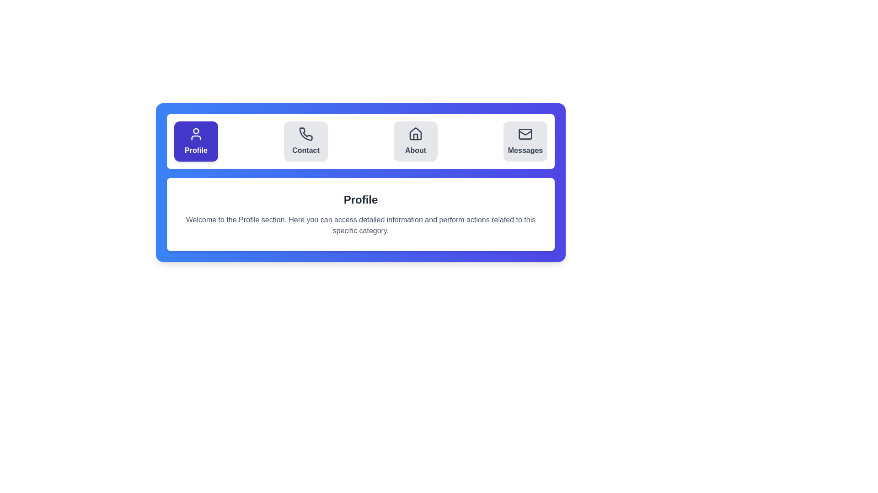  What do you see at coordinates (525, 141) in the screenshot?
I see `the Messages tab by clicking its button` at bounding box center [525, 141].